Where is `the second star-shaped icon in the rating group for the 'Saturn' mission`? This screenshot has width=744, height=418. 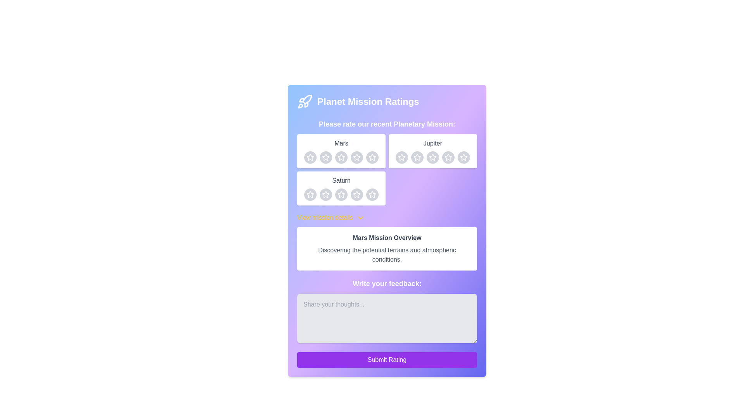
the second star-shaped icon in the rating group for the 'Saturn' mission is located at coordinates (325, 194).